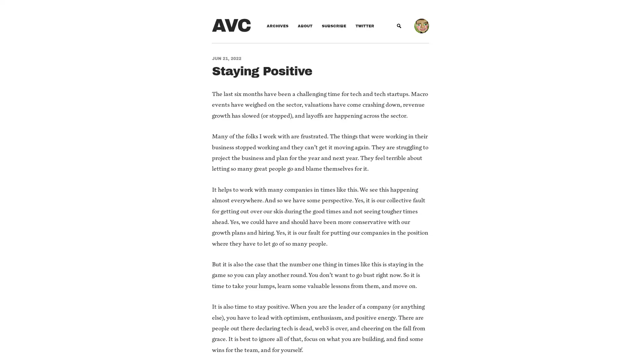  Describe the element at coordinates (411, 25) in the screenshot. I see `Submit` at that location.